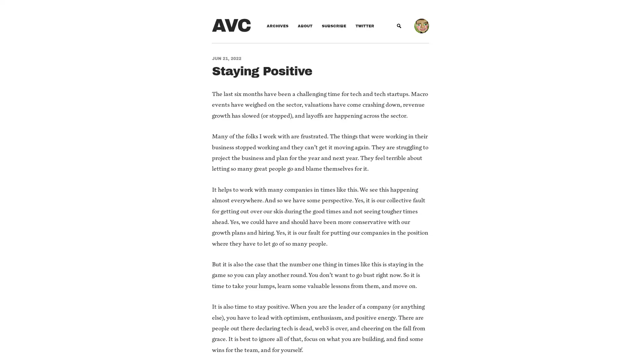  Describe the element at coordinates (411, 25) in the screenshot. I see `Submit` at that location.